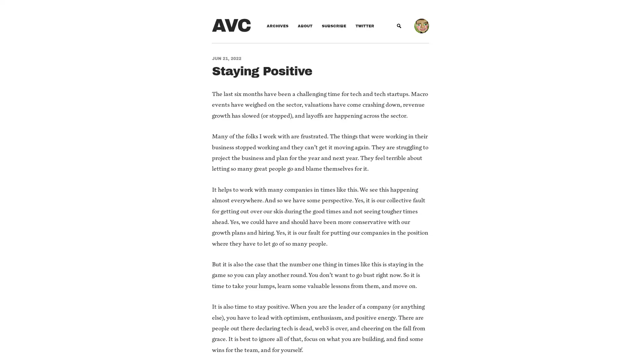  Describe the element at coordinates (411, 25) in the screenshot. I see `Submit` at that location.